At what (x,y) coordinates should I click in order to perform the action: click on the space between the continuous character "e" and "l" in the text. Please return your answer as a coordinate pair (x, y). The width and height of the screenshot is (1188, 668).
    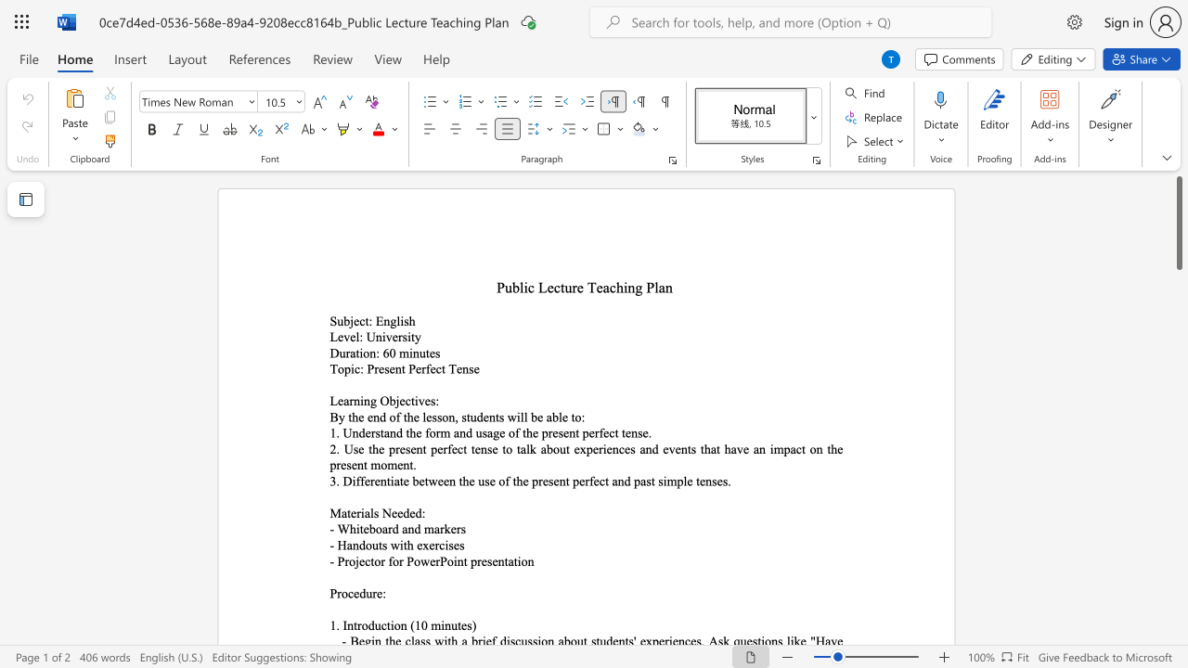
    Looking at the image, I should click on (355, 337).